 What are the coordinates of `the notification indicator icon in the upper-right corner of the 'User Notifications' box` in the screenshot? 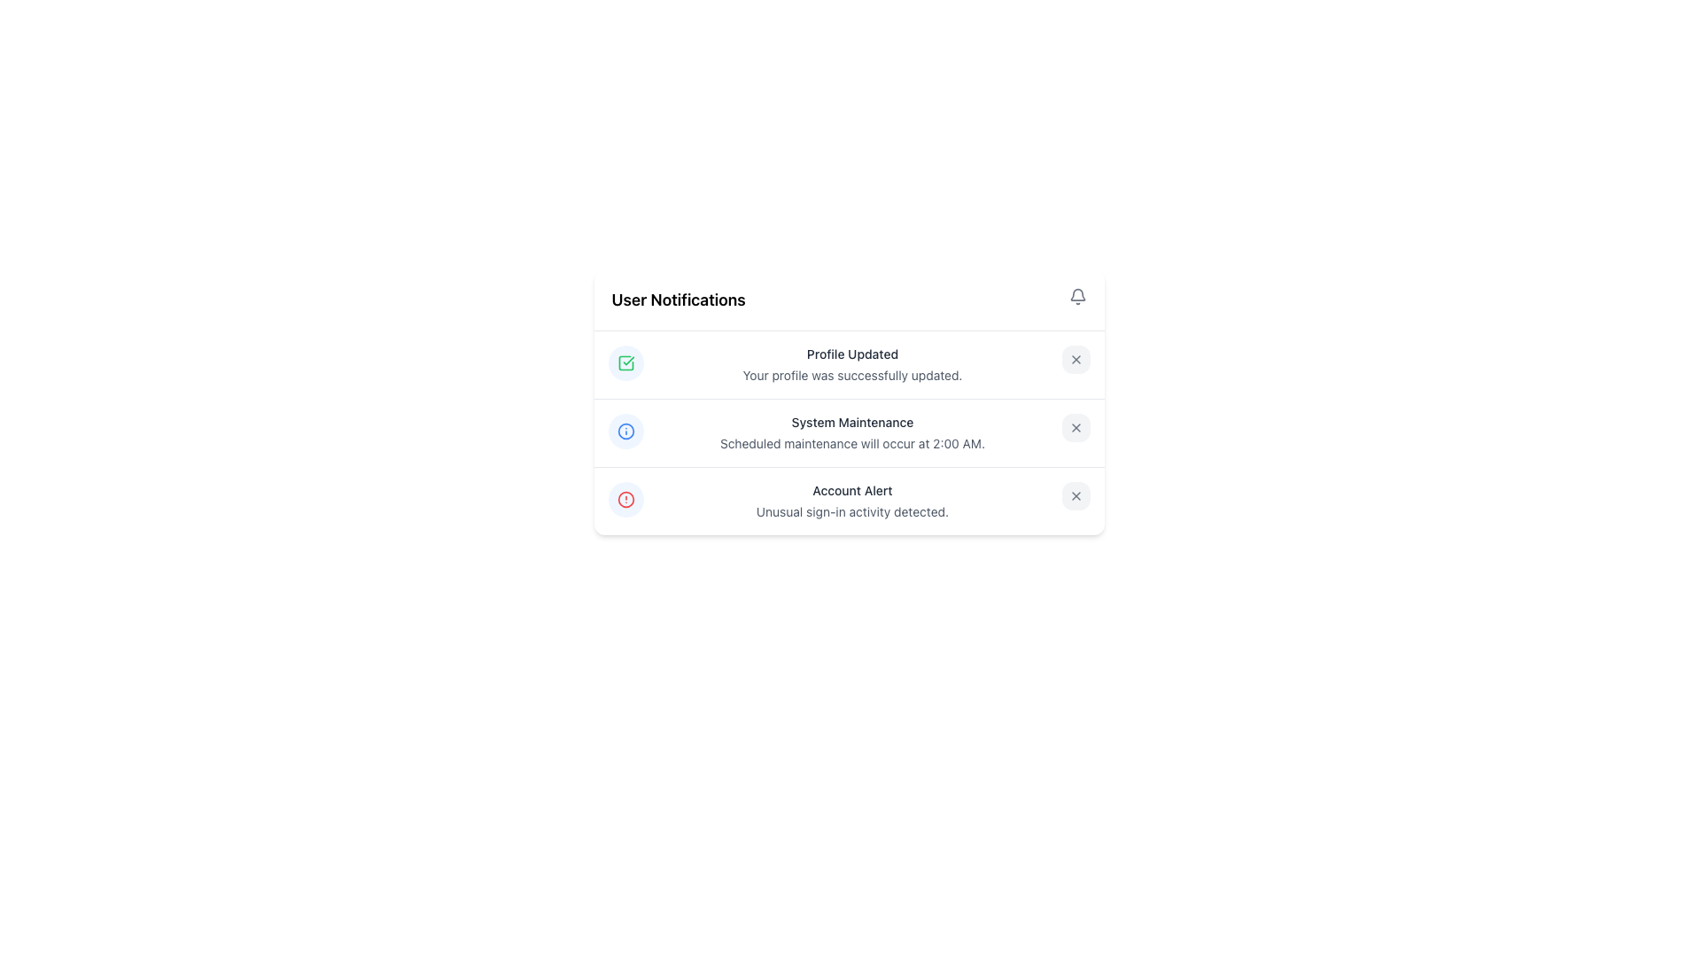 It's located at (1076, 296).